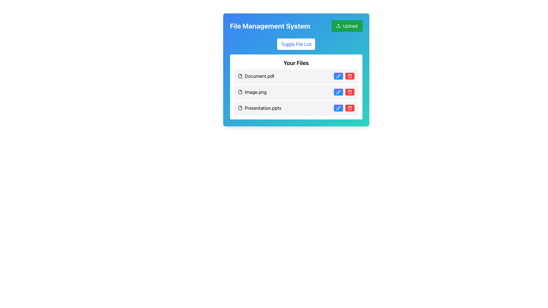 The image size is (548, 308). Describe the element at coordinates (240, 108) in the screenshot. I see `the file icon for 'Presentation.pptx' in the file management section, which serves as a visual indicator for the file type` at that location.